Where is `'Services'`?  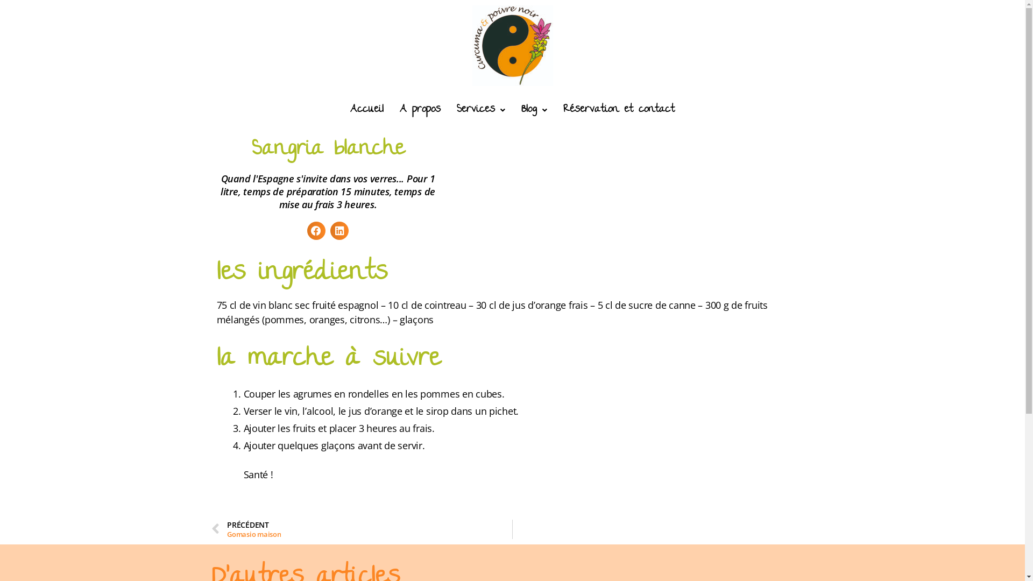 'Services' is located at coordinates (449, 110).